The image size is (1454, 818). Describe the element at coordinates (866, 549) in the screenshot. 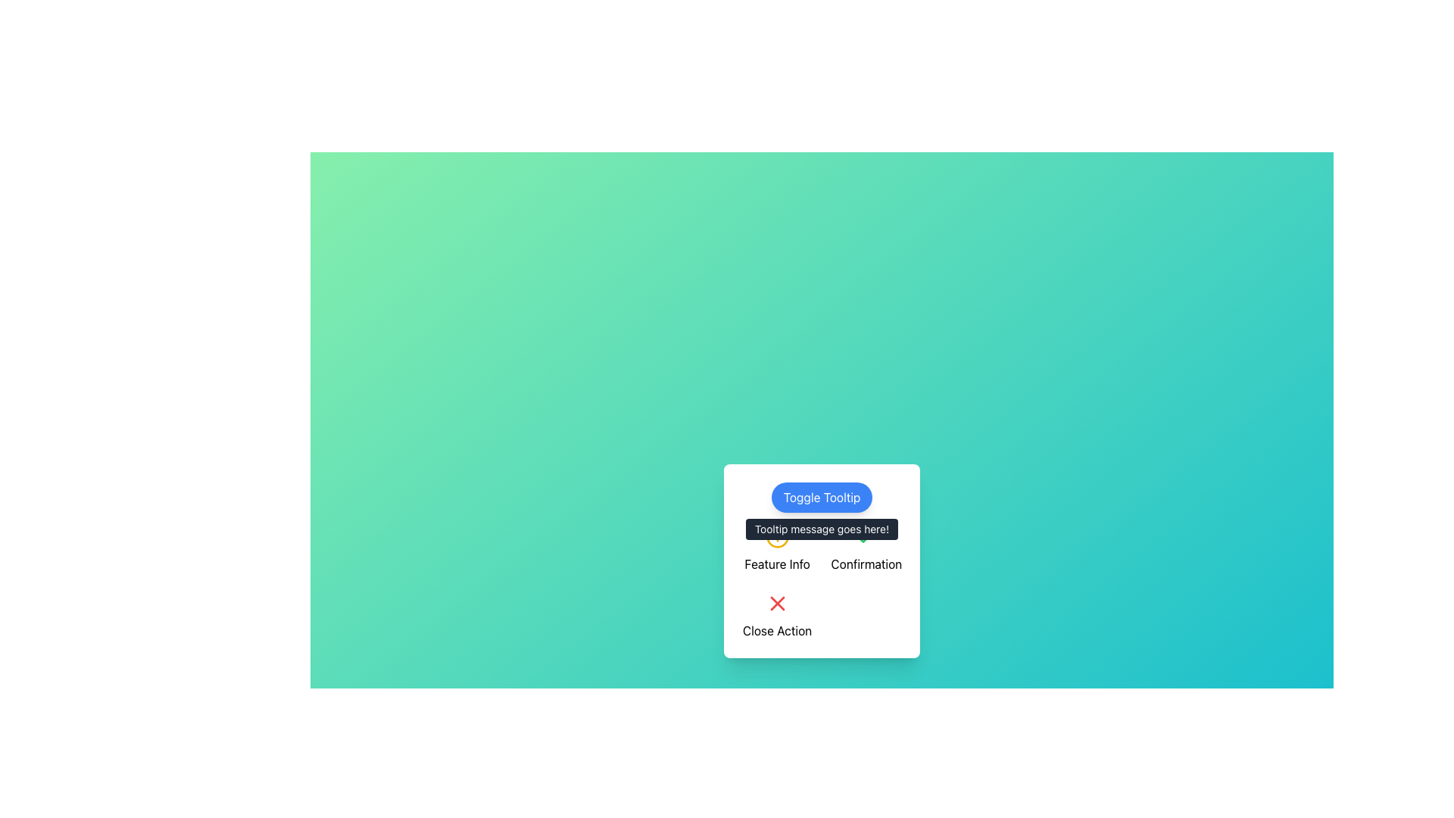

I see `displayed content of the confirmation message located in the second column of the two-column grid layout, positioned below the tooltip and above the action section` at that location.